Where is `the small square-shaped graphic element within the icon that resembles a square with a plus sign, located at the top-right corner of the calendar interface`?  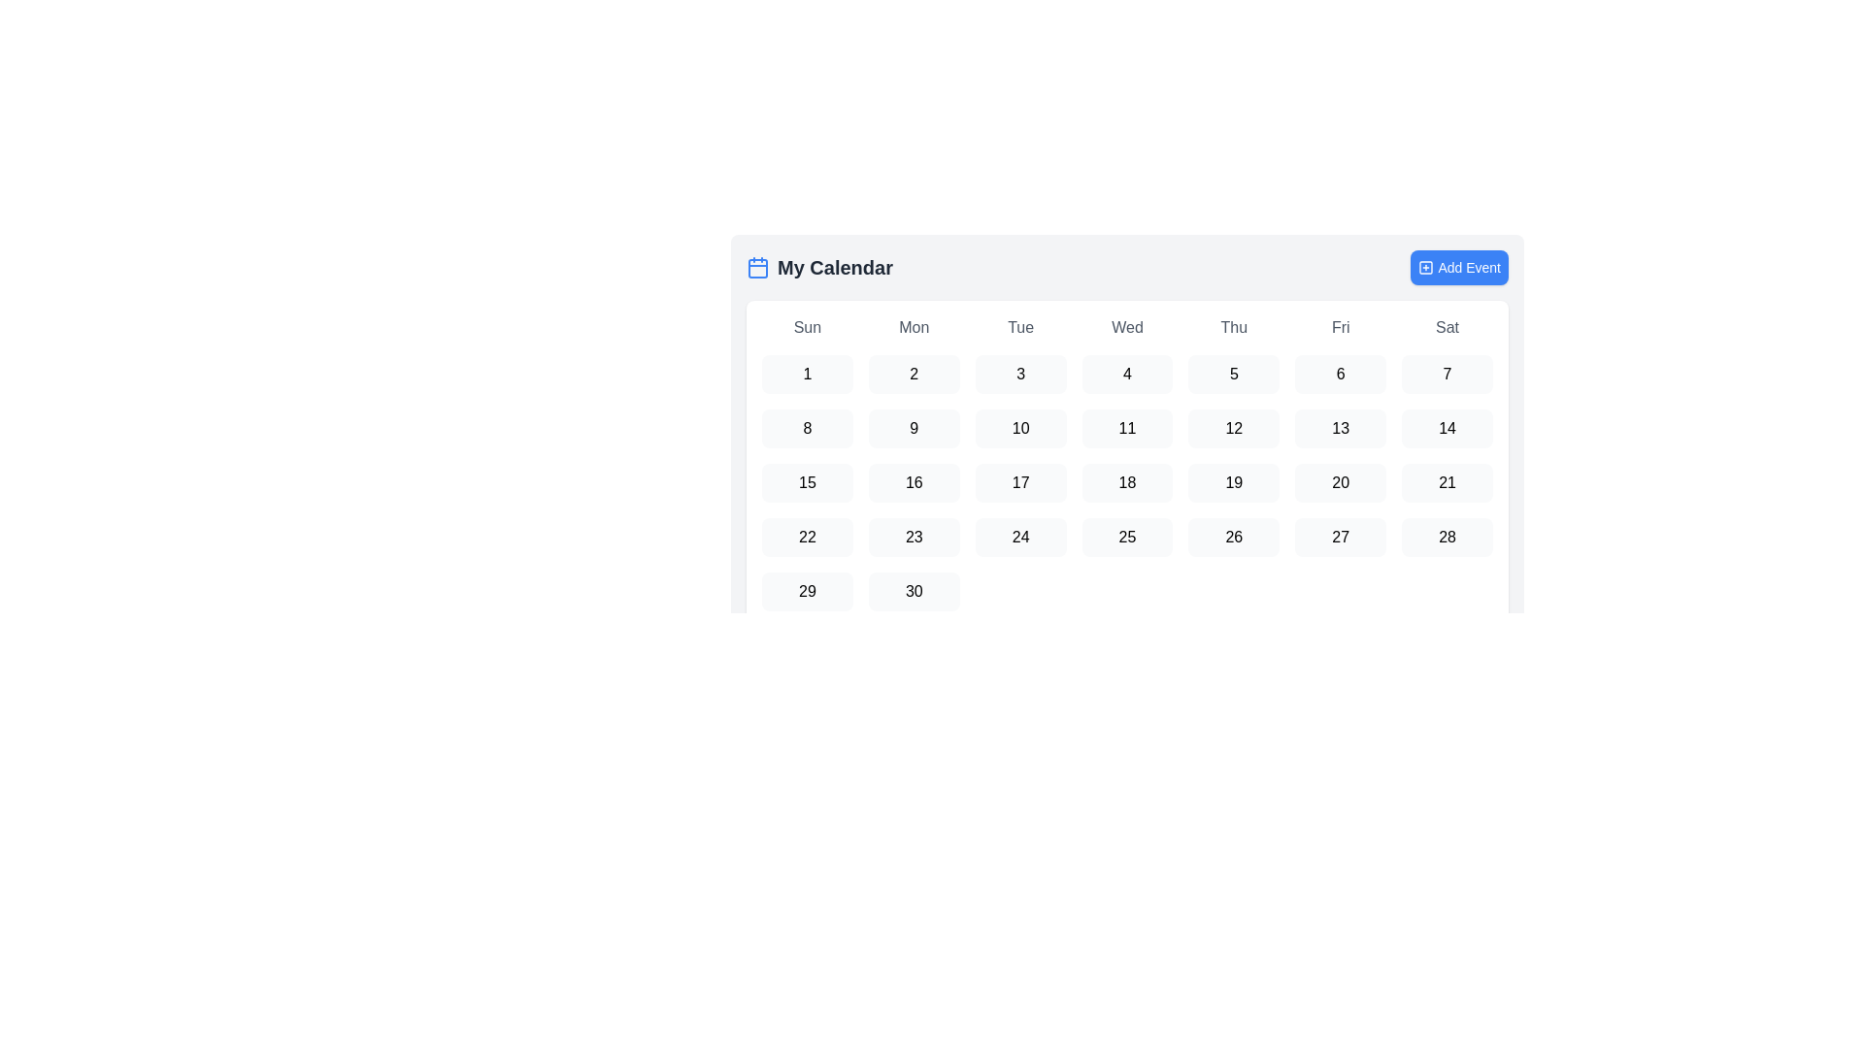 the small square-shaped graphic element within the icon that resembles a square with a plus sign, located at the top-right corner of the calendar interface is located at coordinates (1426, 268).